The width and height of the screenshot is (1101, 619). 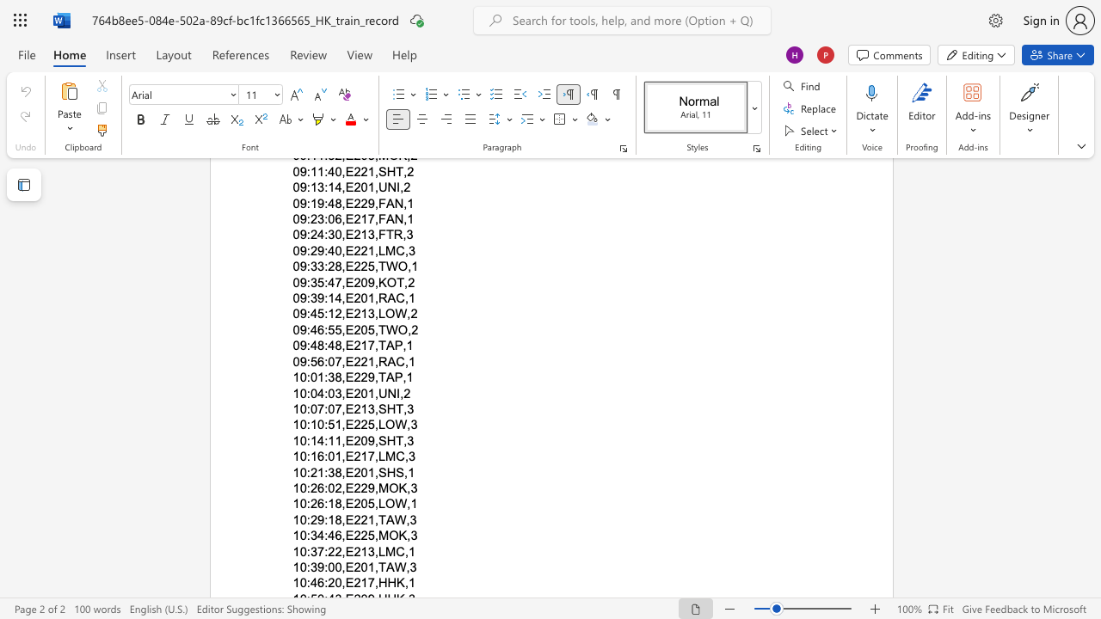 I want to click on the subset text ",3" within the text "10:29:18,E221,TAW,3", so click(x=405, y=518).